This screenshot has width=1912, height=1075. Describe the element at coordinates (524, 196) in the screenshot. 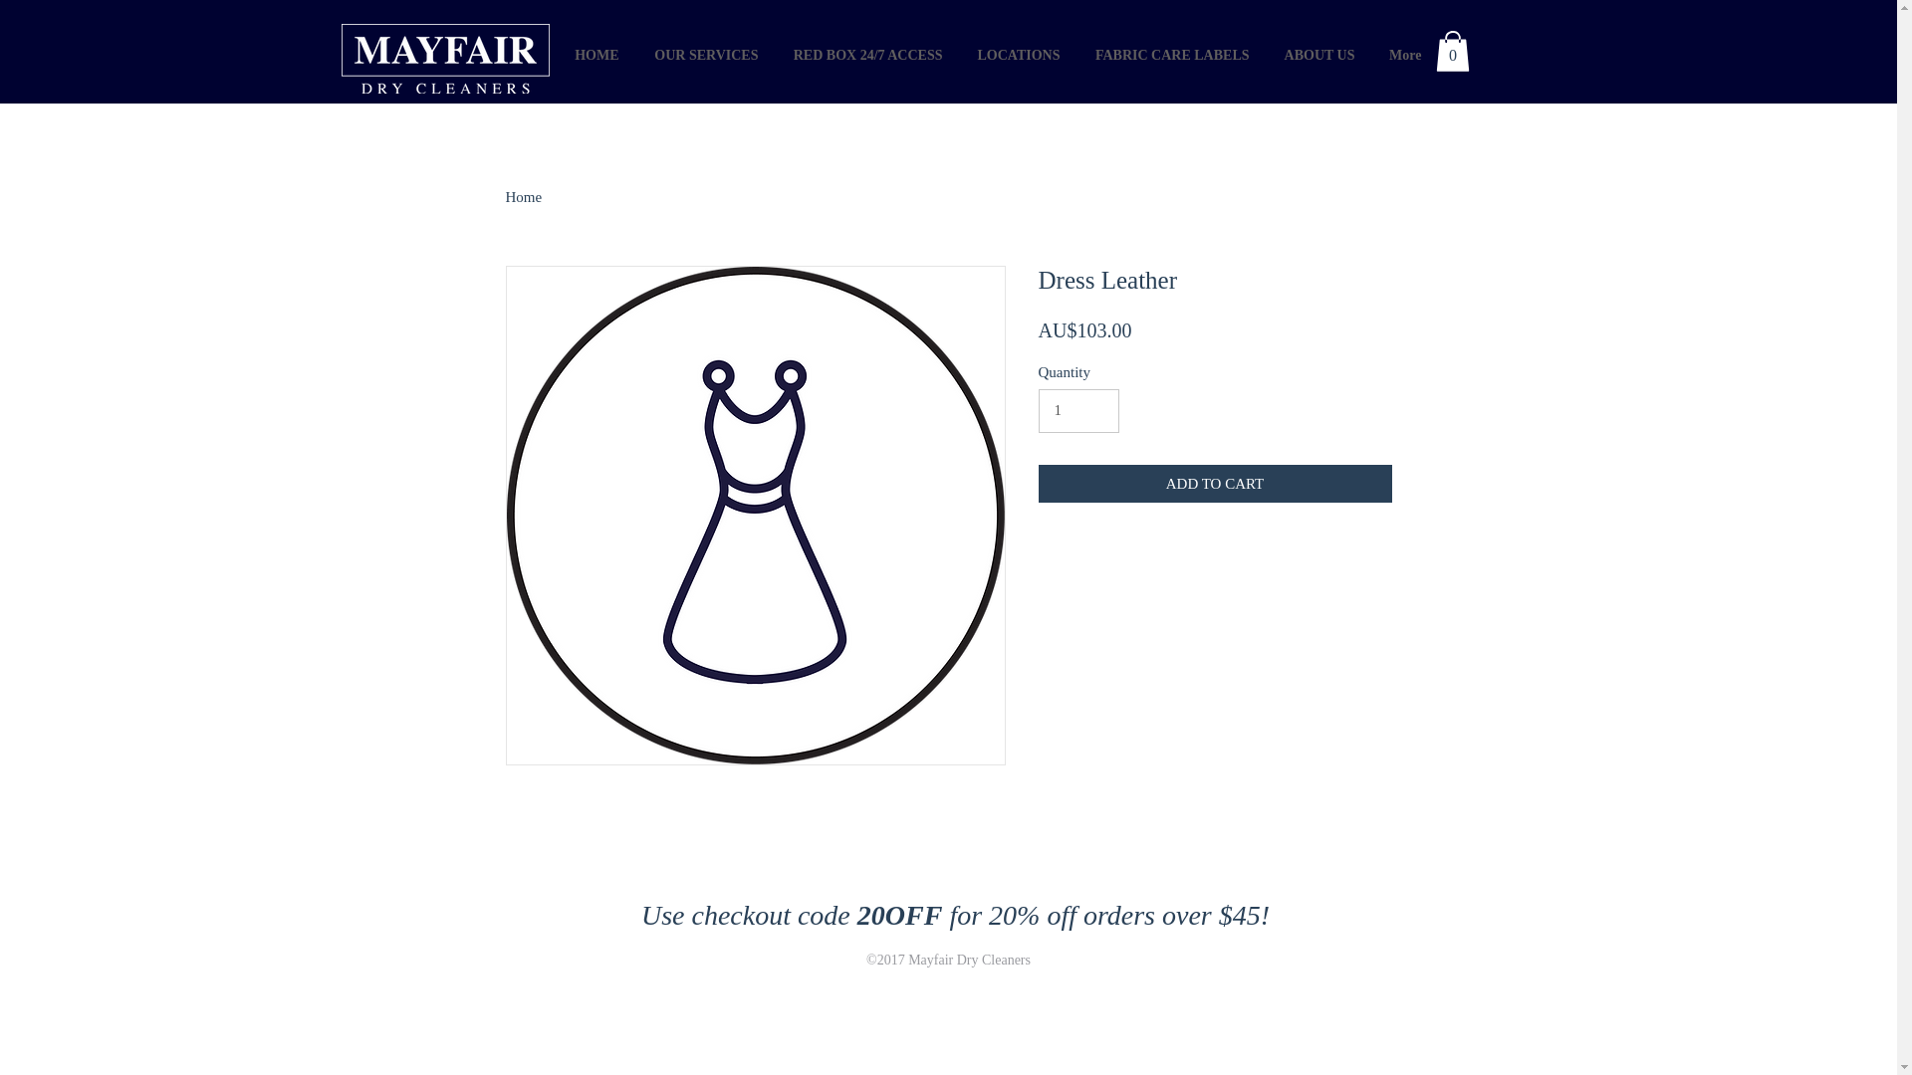

I see `'Home'` at that location.